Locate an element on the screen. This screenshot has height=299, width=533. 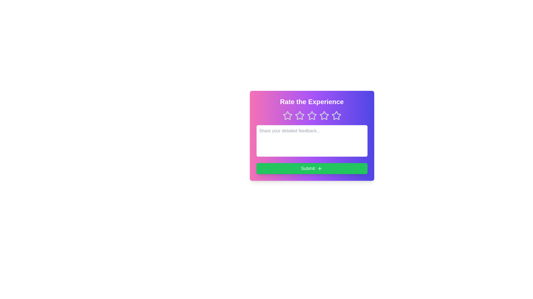
the star corresponding to the desired rating 1 is located at coordinates (287, 115).